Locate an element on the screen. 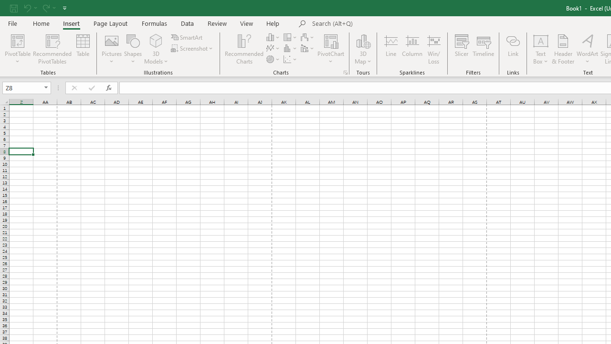 Image resolution: width=611 pixels, height=344 pixels. 'Screenshot' is located at coordinates (192, 48).